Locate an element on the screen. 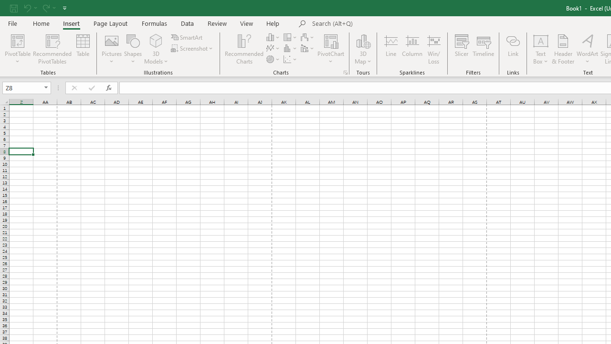 Image resolution: width=611 pixels, height=344 pixels. 'Screenshot' is located at coordinates (192, 48).